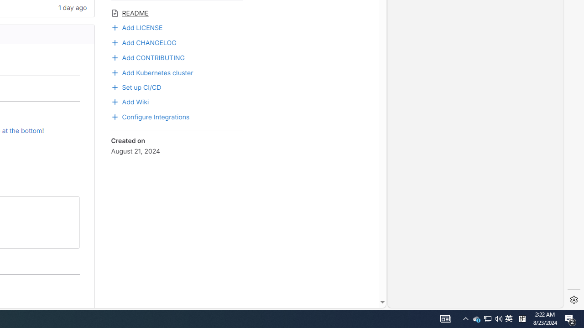 The image size is (584, 328). Describe the element at coordinates (152, 72) in the screenshot. I see `'Add Kubernetes cluster'` at that location.